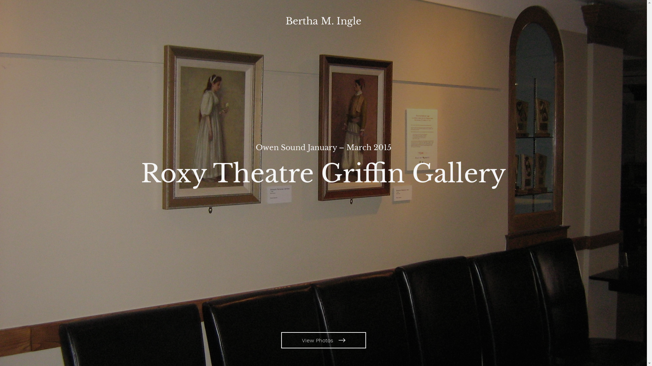  I want to click on 'View Photos', so click(323, 340).